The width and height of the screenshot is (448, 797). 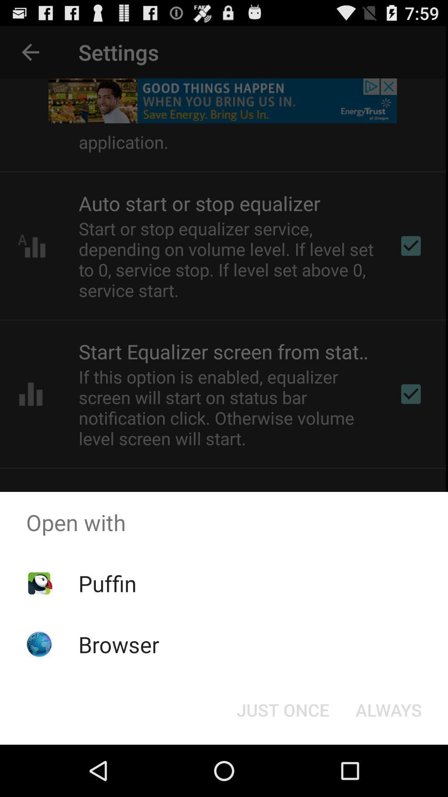 What do you see at coordinates (282, 709) in the screenshot?
I see `the icon next to the always button` at bounding box center [282, 709].